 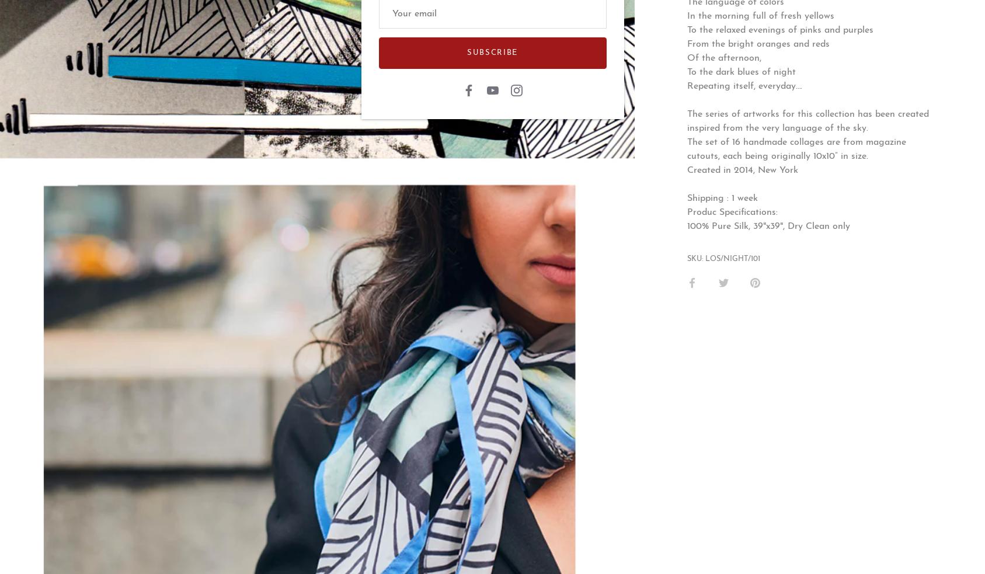 What do you see at coordinates (796, 149) in the screenshot?
I see `'The set of 16 handmade collages are from magazine cutouts, each being originally 10x10” in size.'` at bounding box center [796, 149].